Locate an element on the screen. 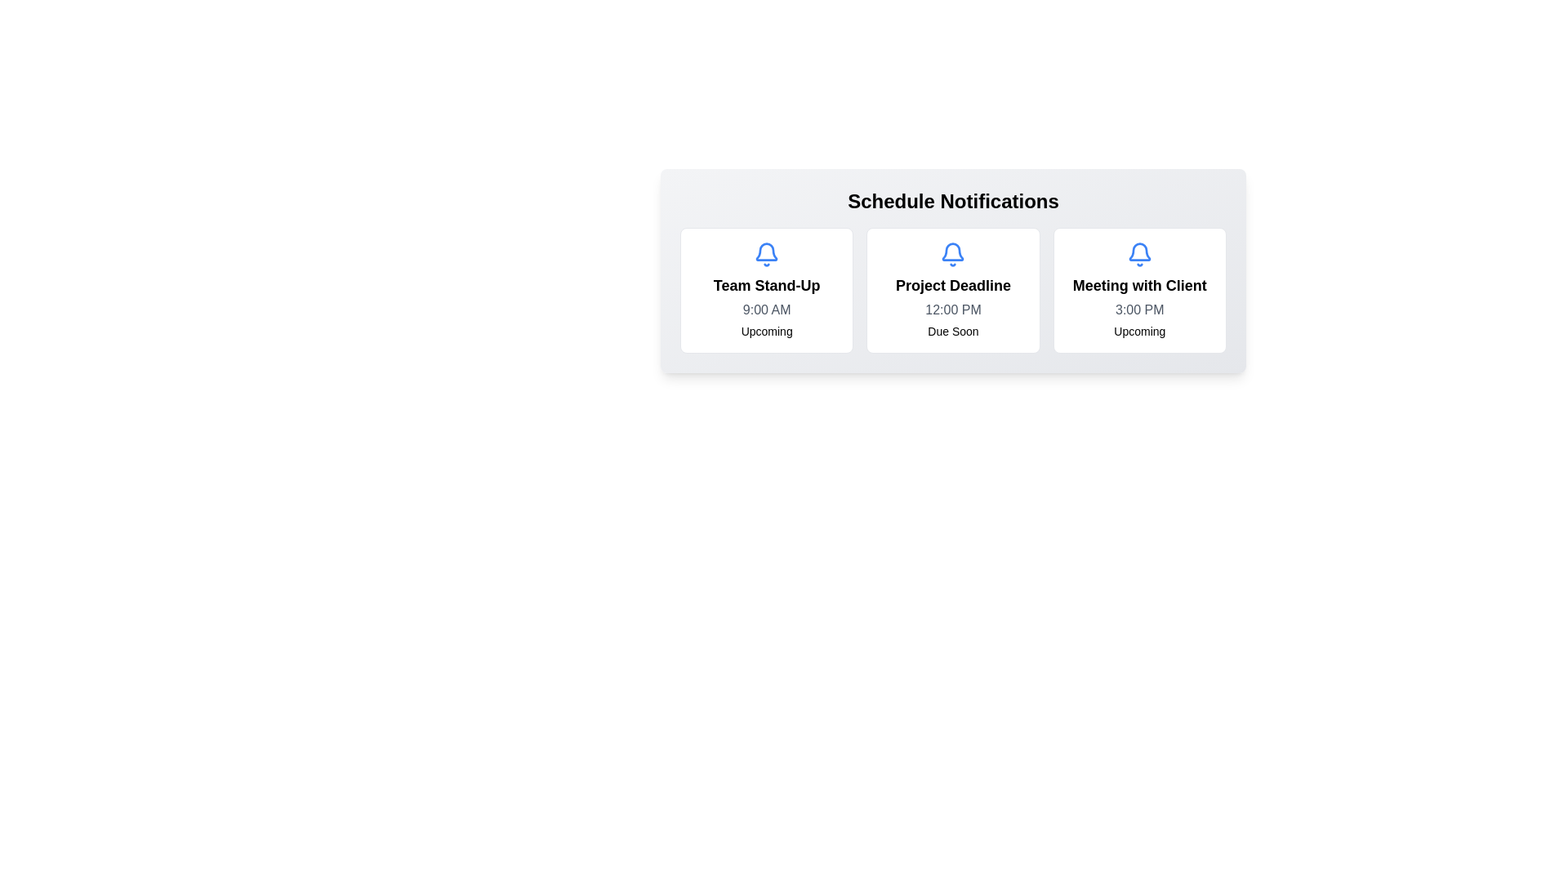 The width and height of the screenshot is (1568, 882). the bell icon located at the top-center of the 'Project Deadline' card, which represents notifications or alerts is located at coordinates (953, 255).